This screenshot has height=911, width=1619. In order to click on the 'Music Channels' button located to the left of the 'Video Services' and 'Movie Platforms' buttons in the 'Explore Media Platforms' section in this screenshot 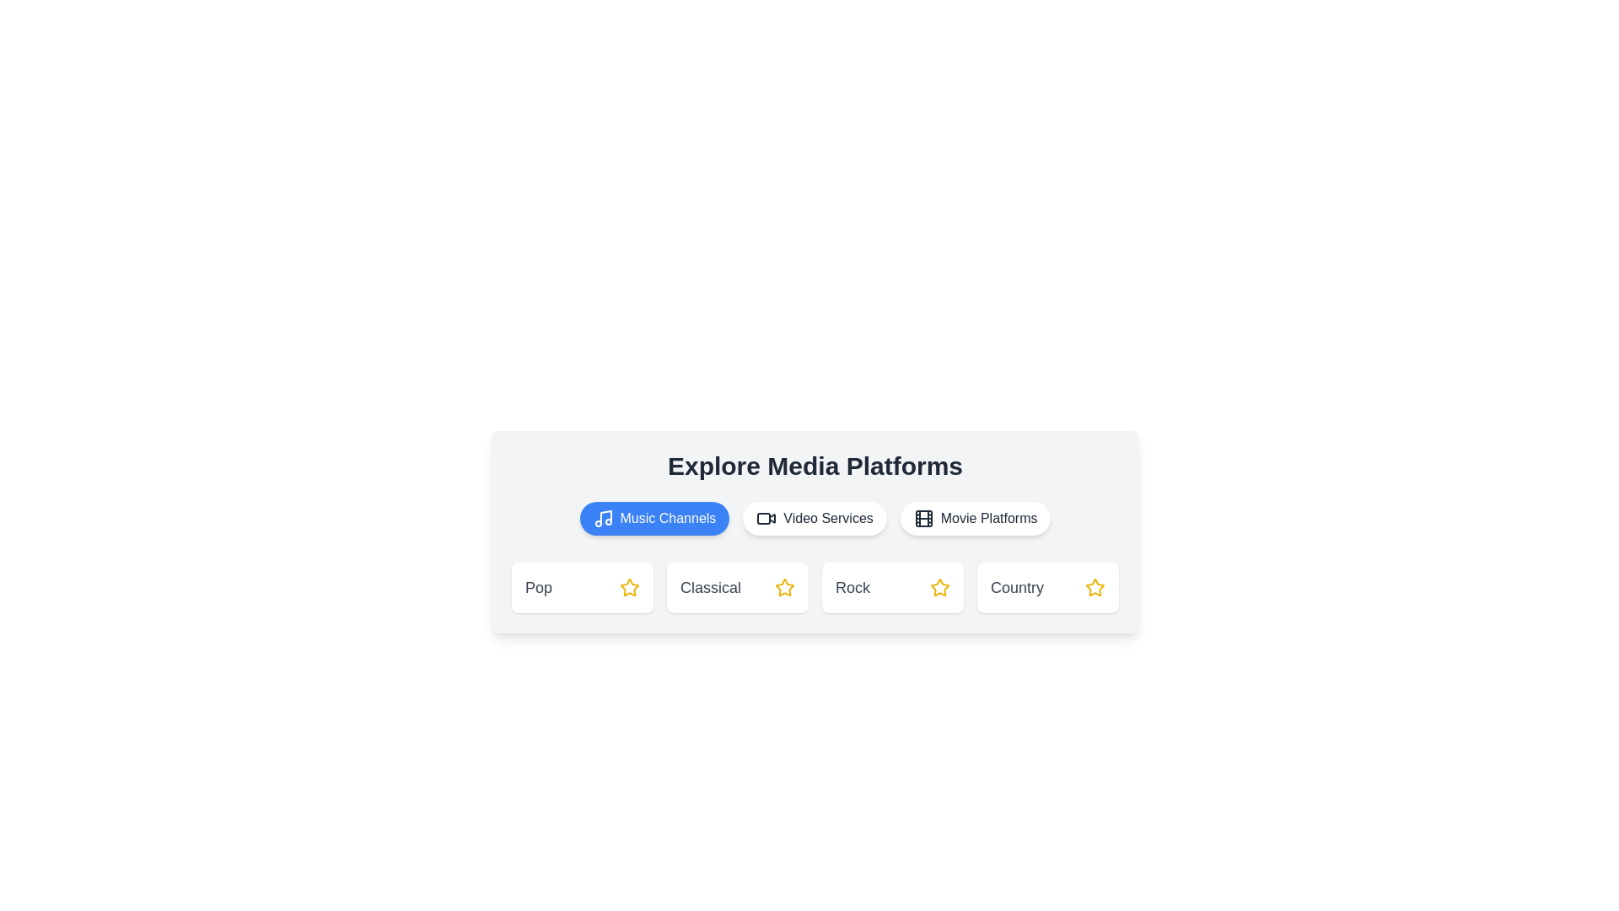, I will do `click(654, 517)`.